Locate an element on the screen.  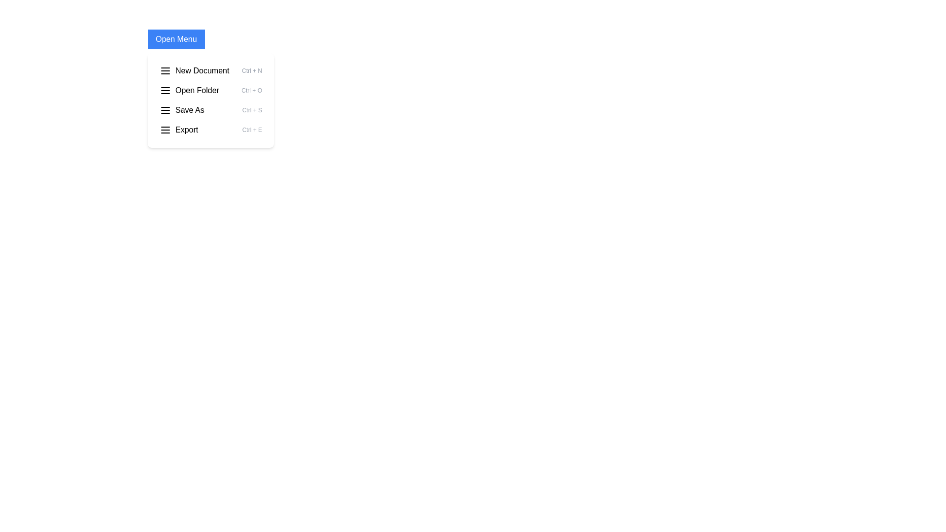
the 'New Document' list item in the drop-down menu is located at coordinates (210, 70).